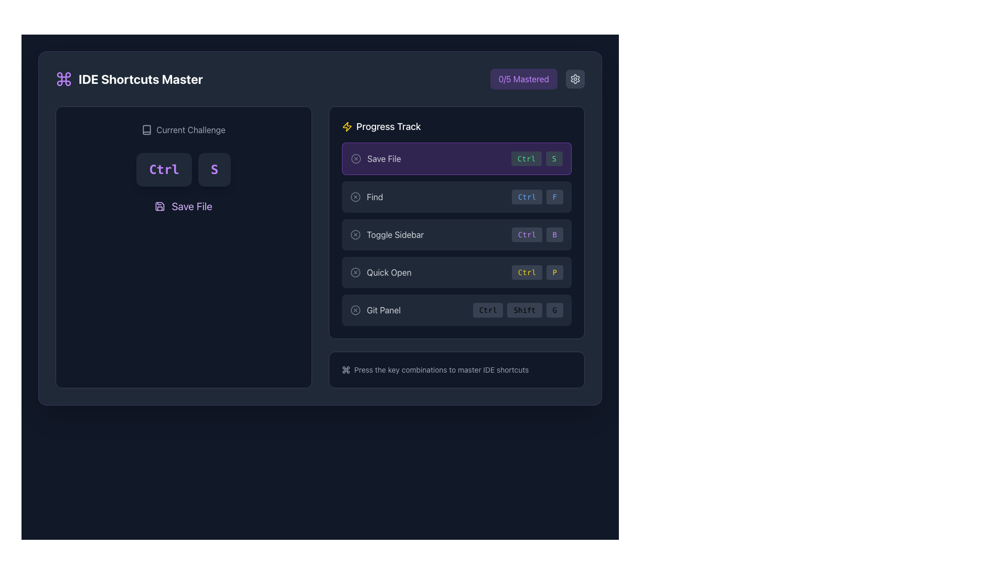 Image resolution: width=1007 pixels, height=566 pixels. I want to click on the visual presence of the 'Save File' icon located in the 'Progress Track' section, positioned immediately to the left of the 'Save File' text label, so click(347, 126).